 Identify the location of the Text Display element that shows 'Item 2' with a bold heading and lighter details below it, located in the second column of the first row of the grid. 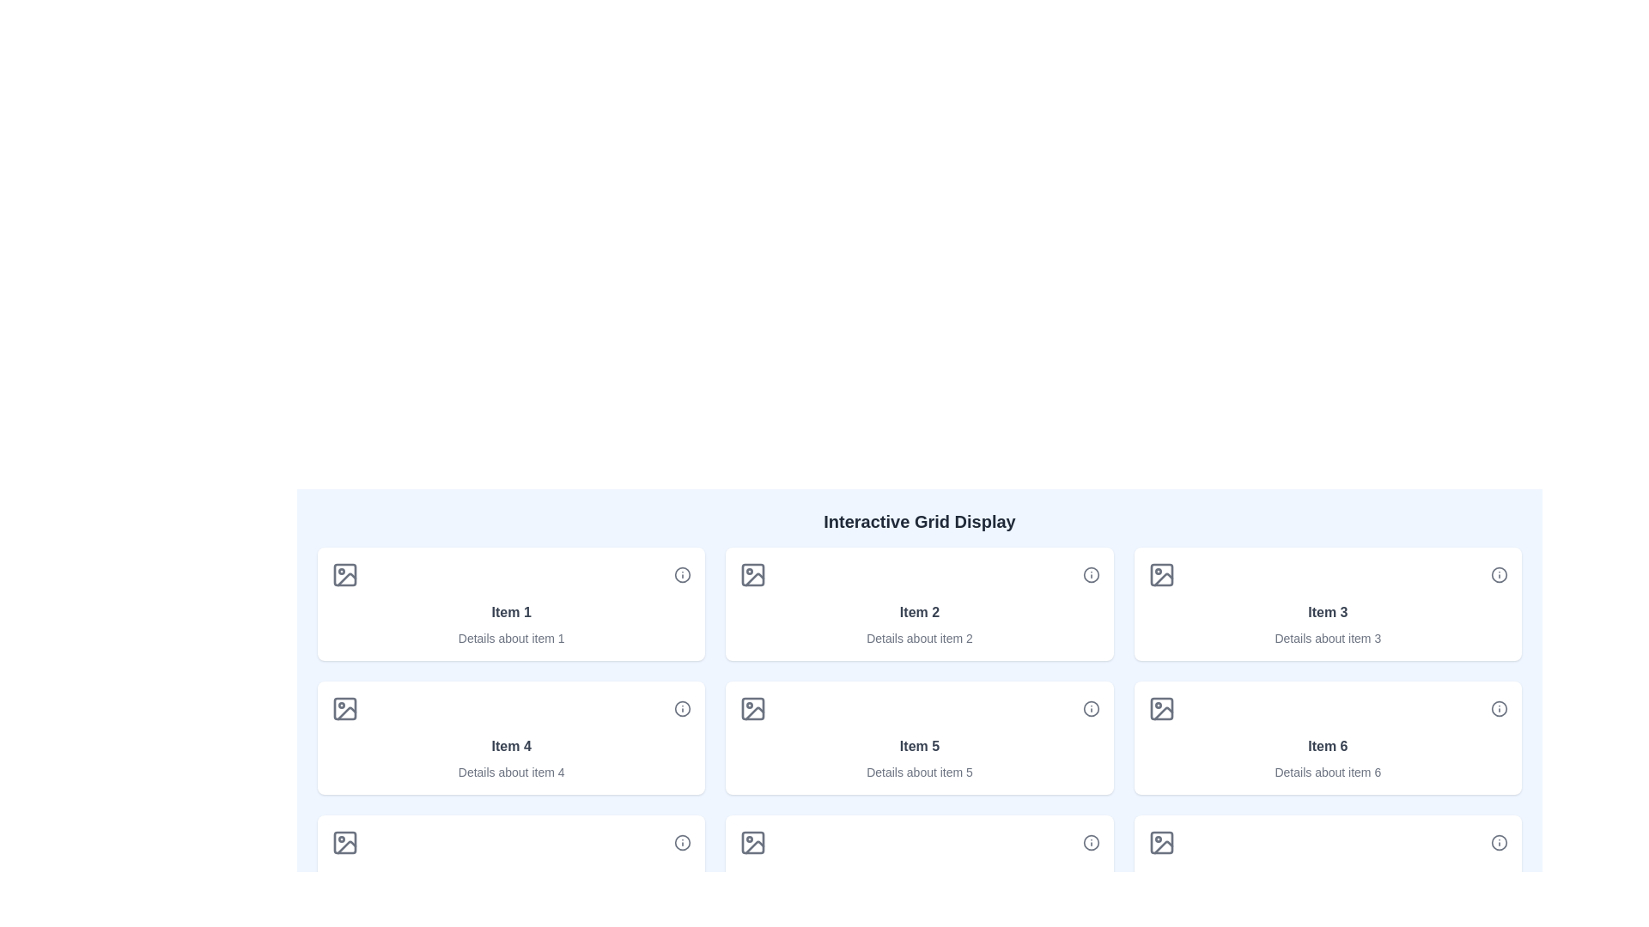
(918, 625).